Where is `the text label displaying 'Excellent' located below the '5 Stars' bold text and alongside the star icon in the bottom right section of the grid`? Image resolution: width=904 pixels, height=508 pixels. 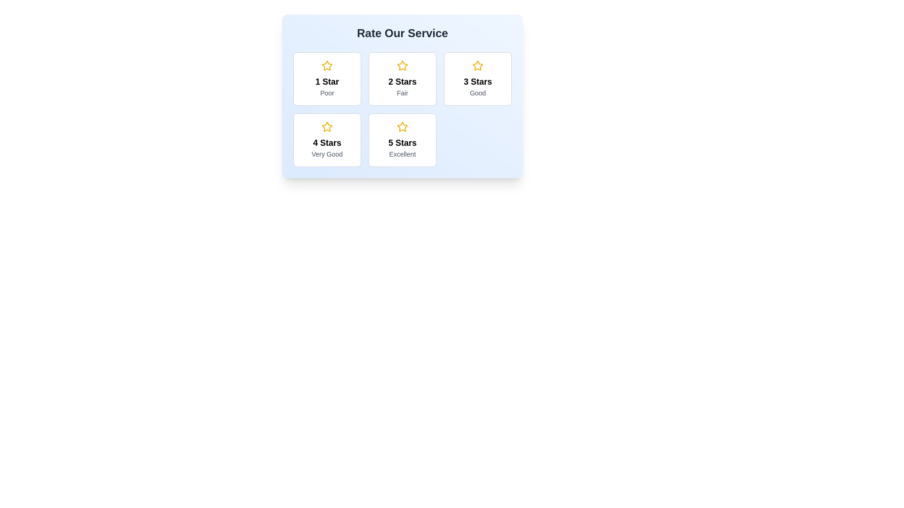
the text label displaying 'Excellent' located below the '5 Stars' bold text and alongside the star icon in the bottom right section of the grid is located at coordinates (402, 153).